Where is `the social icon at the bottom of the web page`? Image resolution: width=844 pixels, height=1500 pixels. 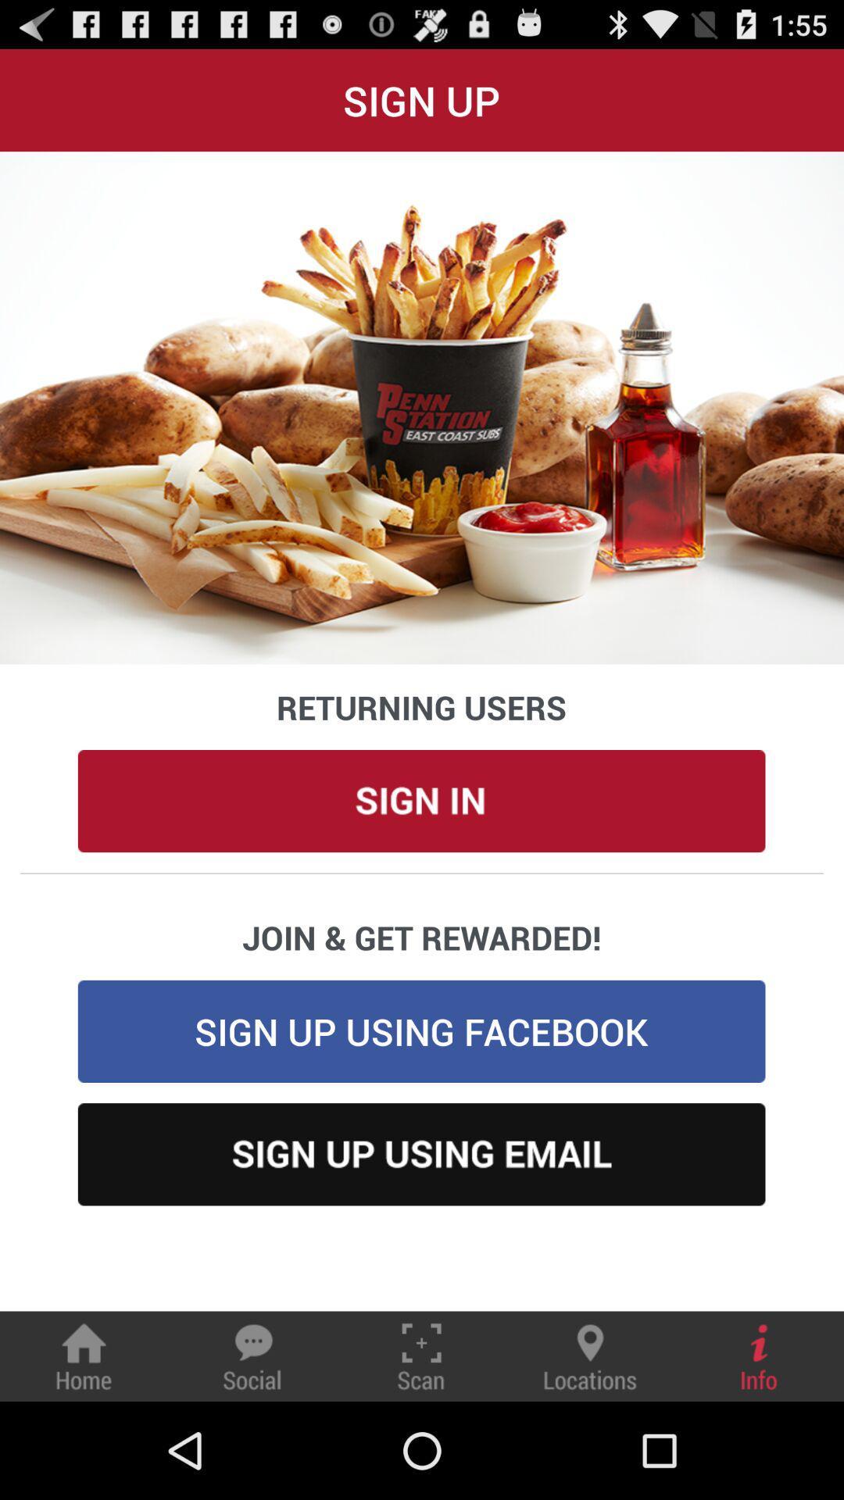 the social icon at the bottom of the web page is located at coordinates (252, 1355).